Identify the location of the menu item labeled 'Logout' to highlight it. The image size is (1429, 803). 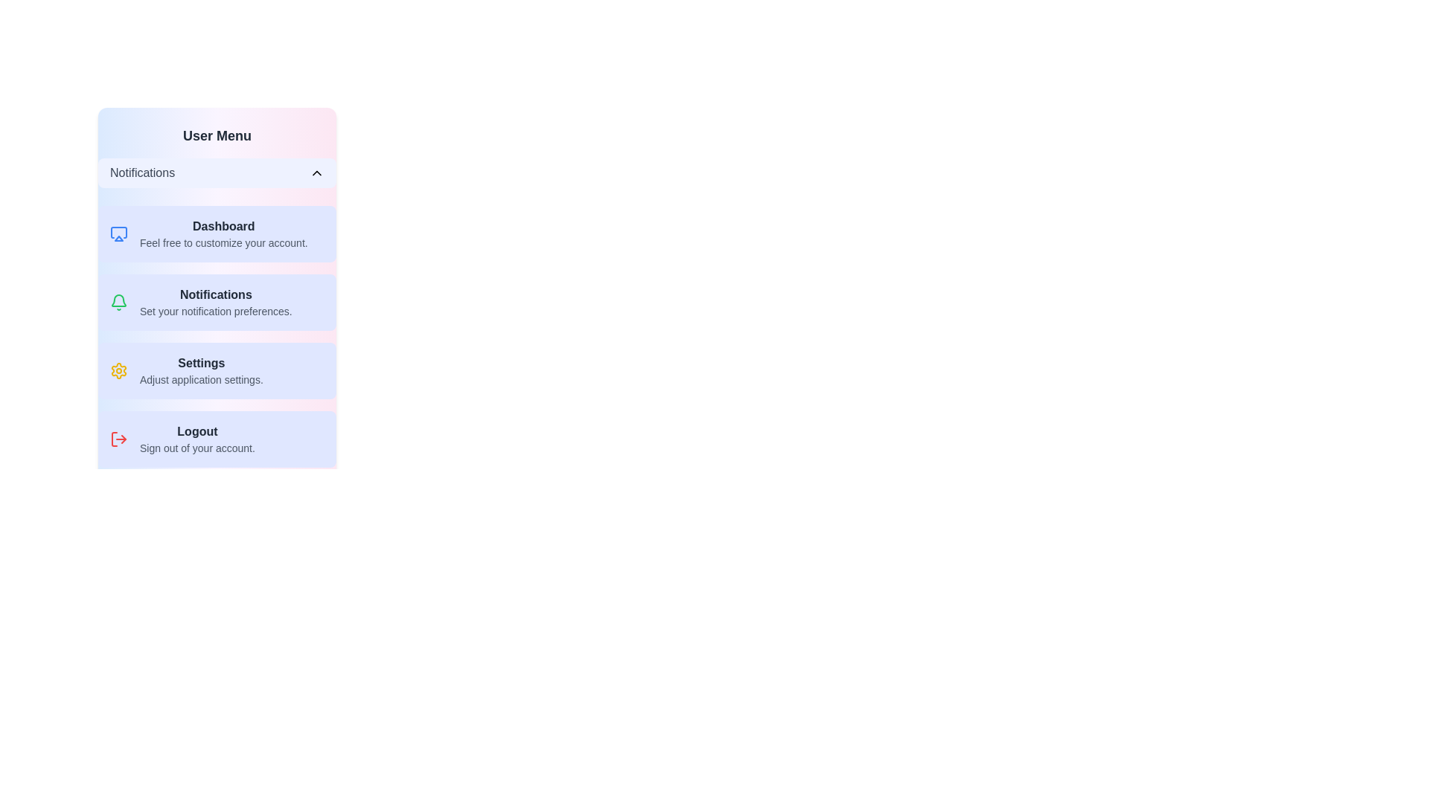
(217, 438).